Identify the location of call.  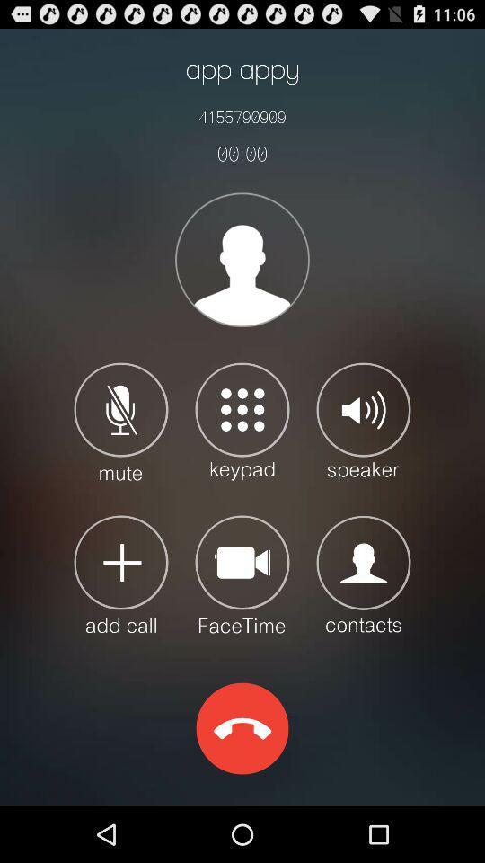
(121, 573).